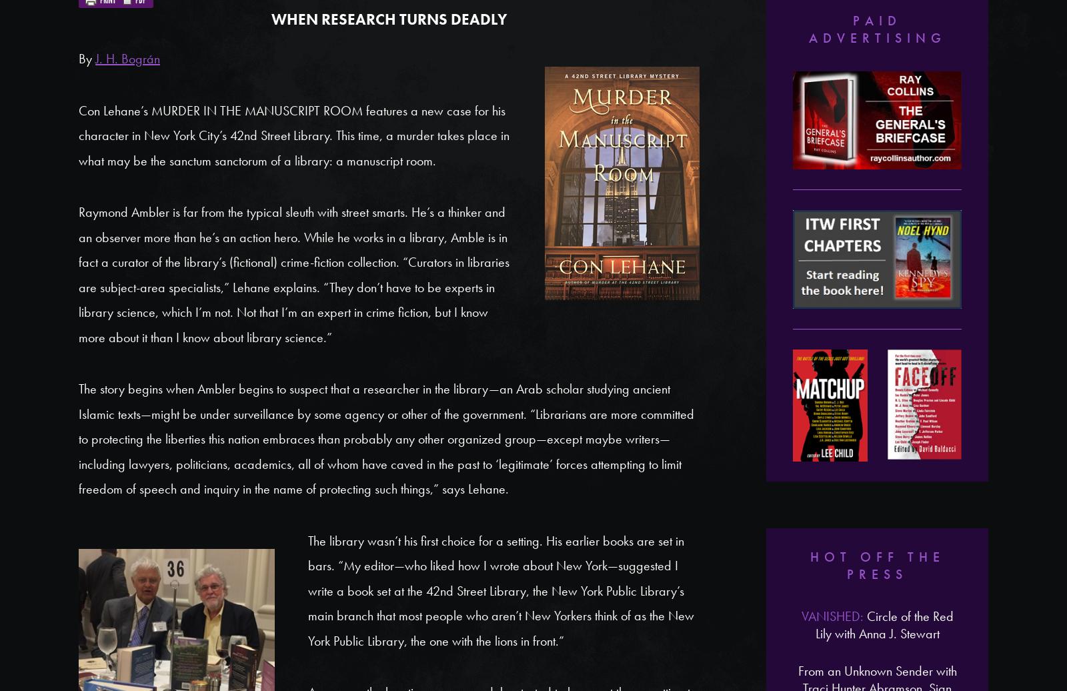 This screenshot has height=691, width=1067. I want to click on 'Lloyd Devereux Richards', so click(876, 442).